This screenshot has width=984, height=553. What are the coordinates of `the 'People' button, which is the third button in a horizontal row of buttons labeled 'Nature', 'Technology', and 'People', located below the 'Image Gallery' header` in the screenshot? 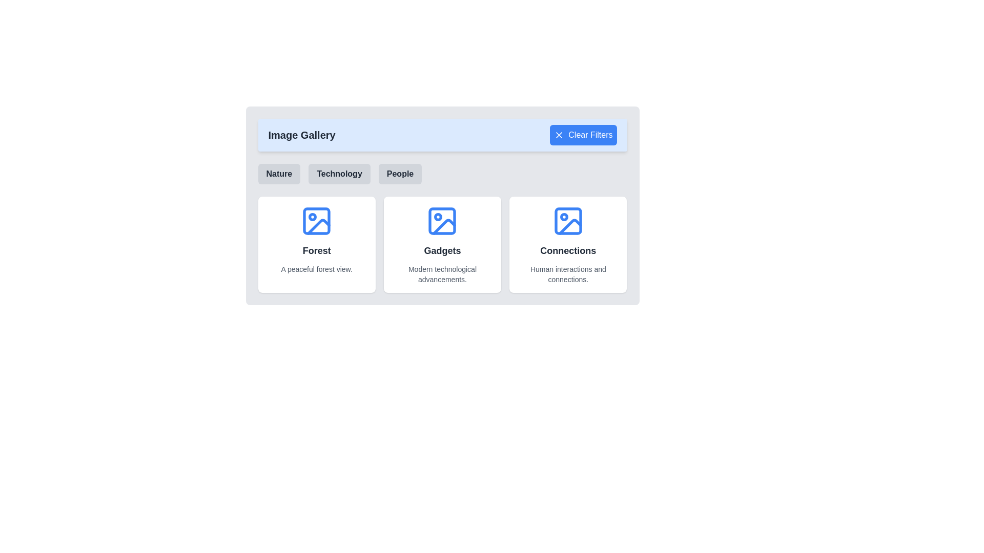 It's located at (400, 173).